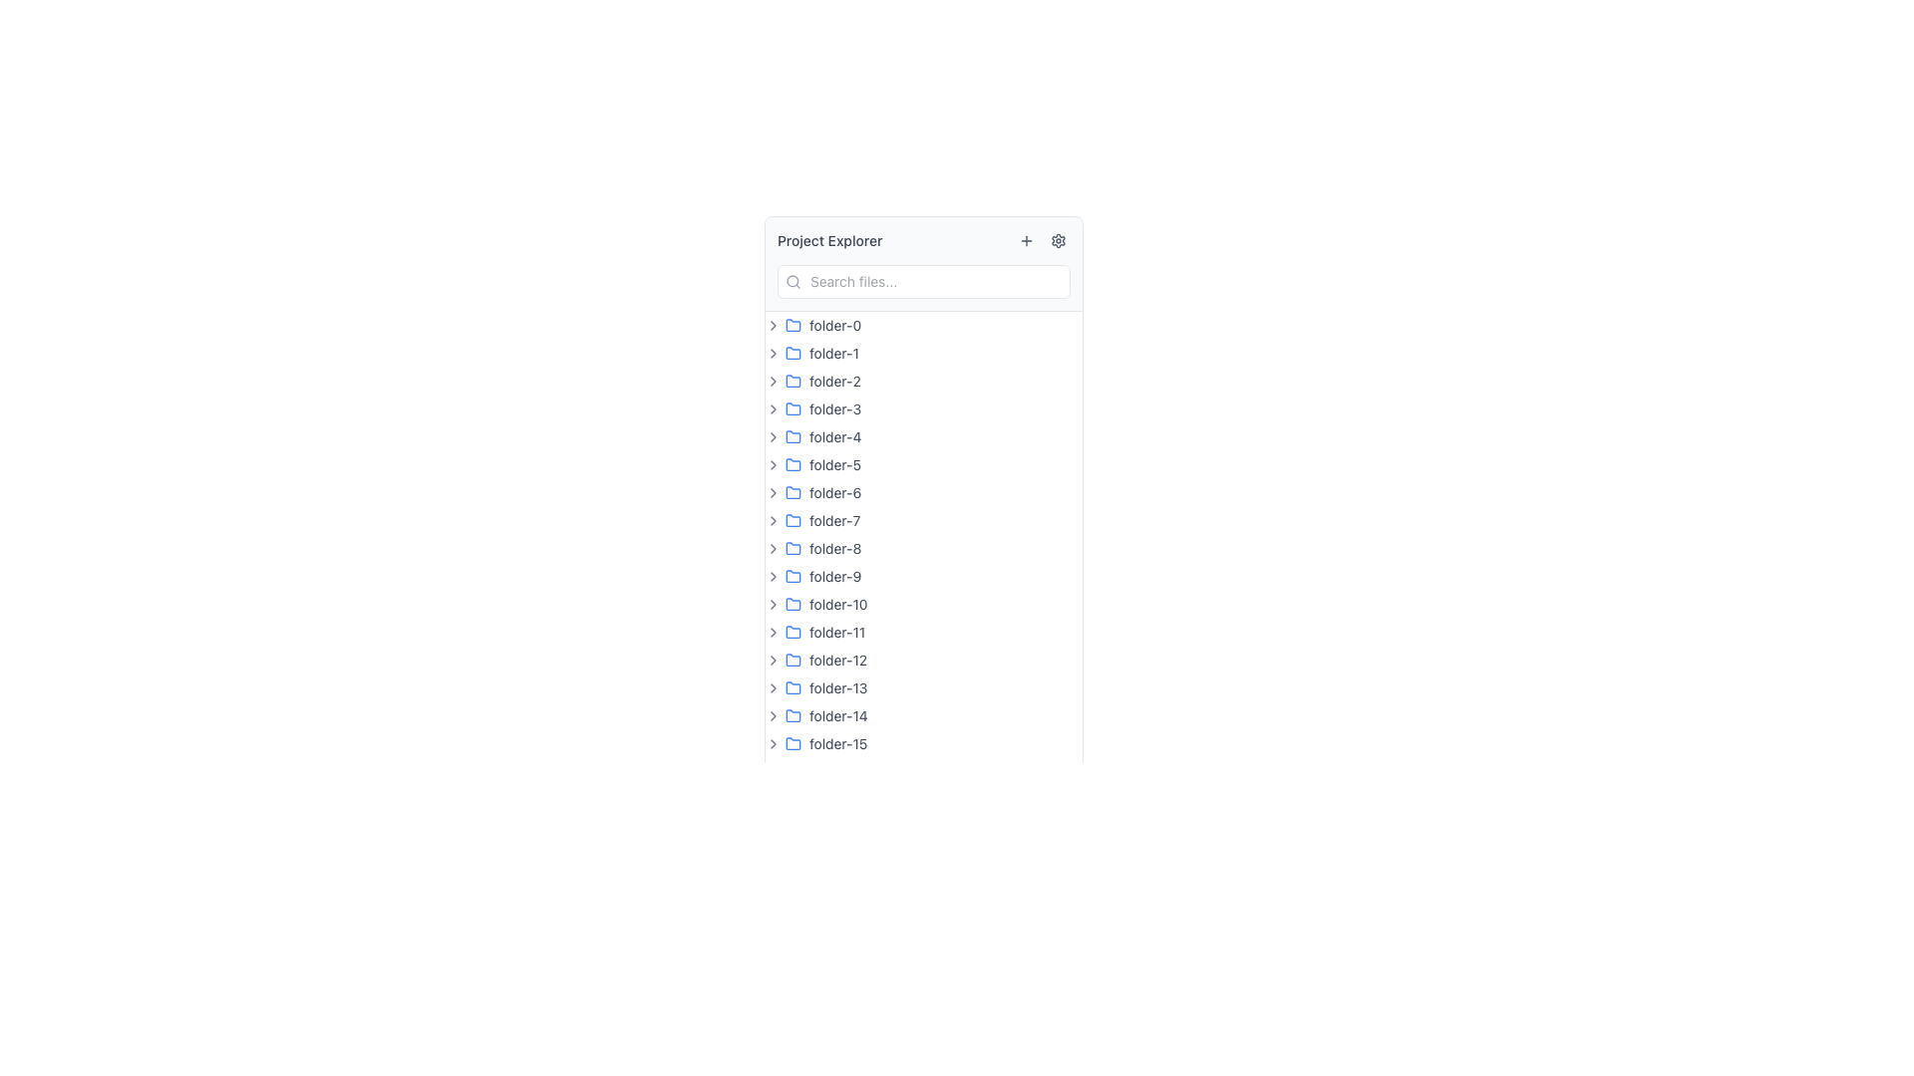 The image size is (1914, 1076). I want to click on the folder icon, so click(793, 436).